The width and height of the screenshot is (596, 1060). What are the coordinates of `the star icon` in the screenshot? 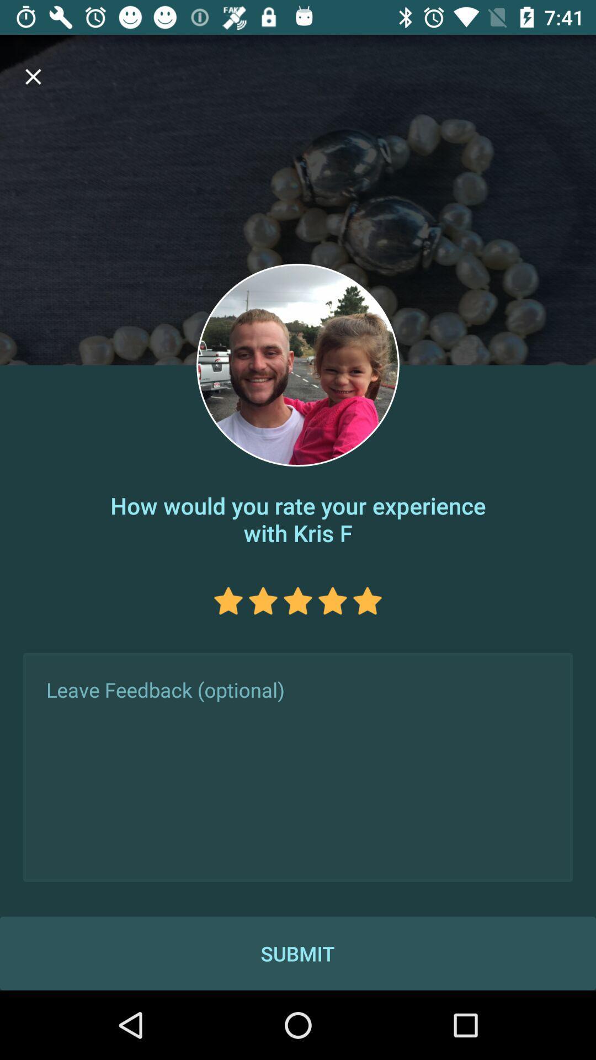 It's located at (332, 600).